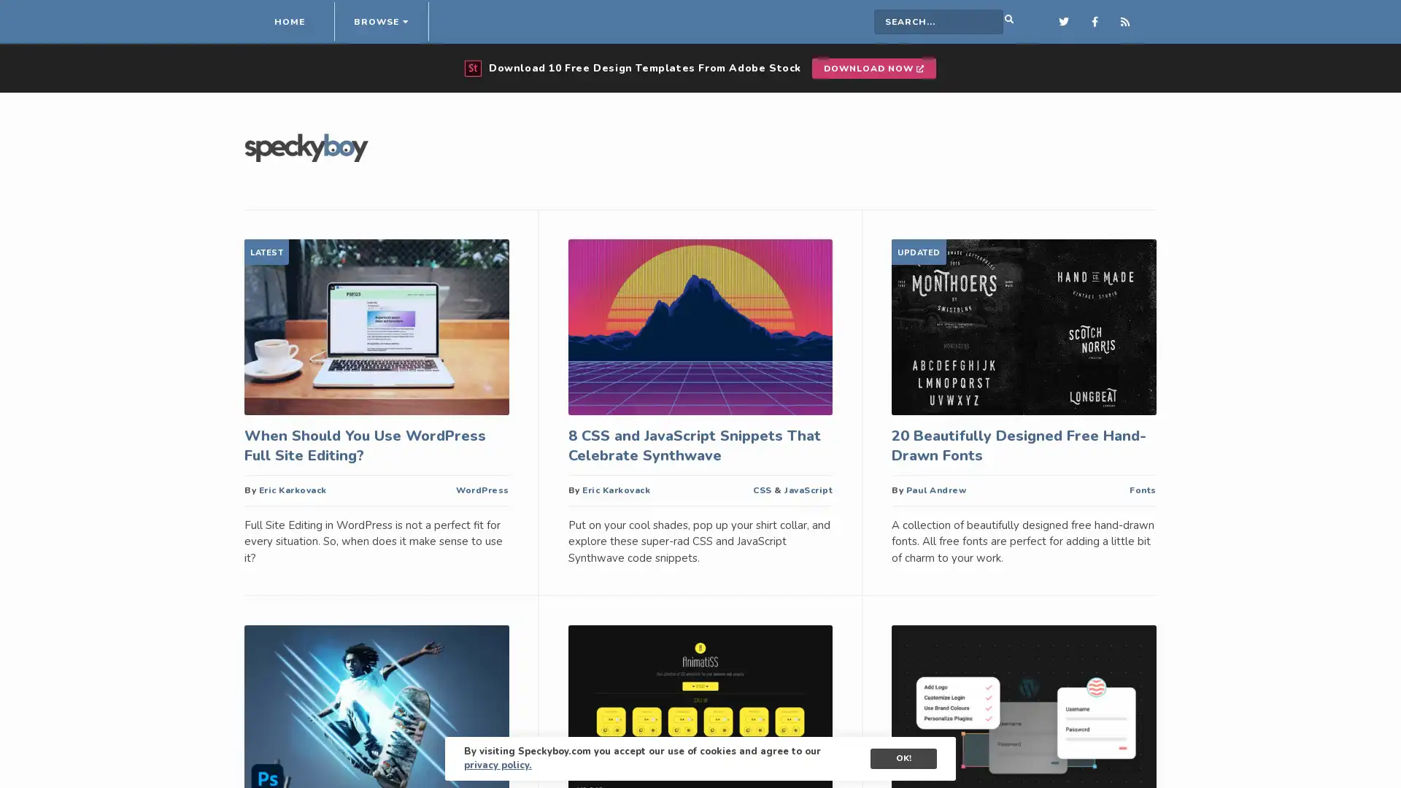 The image size is (1401, 788). Describe the element at coordinates (498, 765) in the screenshot. I see `learn more about cookies` at that location.